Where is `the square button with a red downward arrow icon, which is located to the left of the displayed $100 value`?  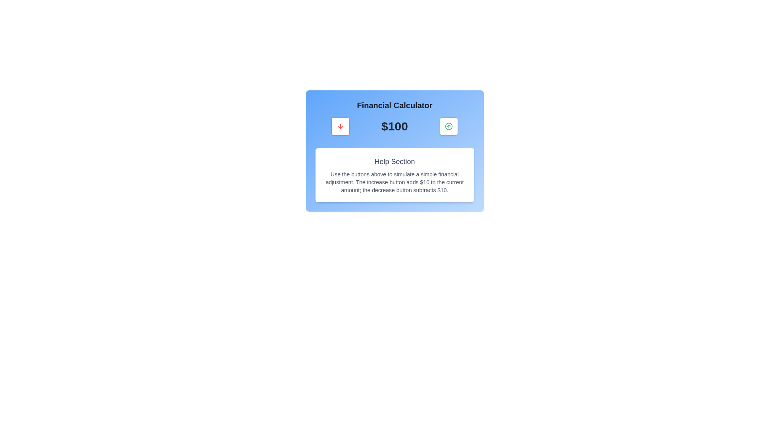
the square button with a red downward arrow icon, which is located to the left of the displayed $100 value is located at coordinates (340, 126).